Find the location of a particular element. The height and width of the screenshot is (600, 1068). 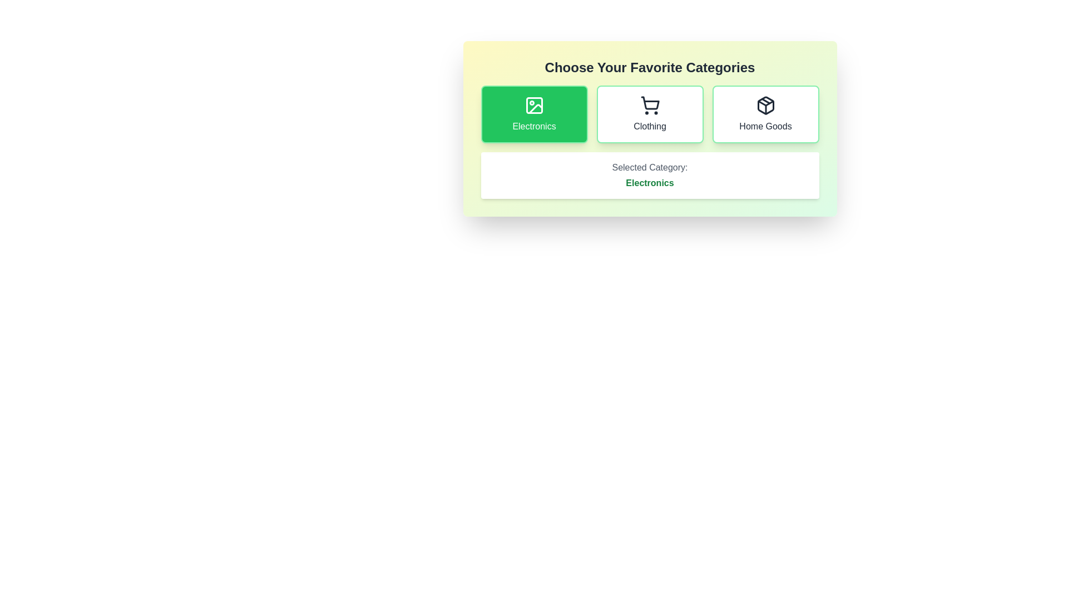

the category button corresponding to Electronics is located at coordinates (534, 114).